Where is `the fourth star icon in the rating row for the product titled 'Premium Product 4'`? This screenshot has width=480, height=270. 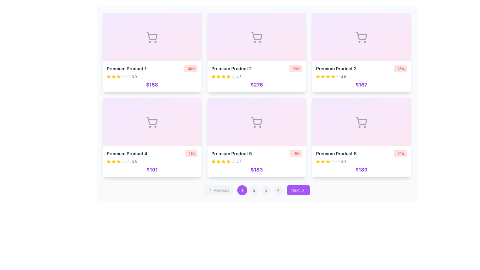 the fourth star icon in the rating row for the product titled 'Premium Product 4' is located at coordinates (128, 161).